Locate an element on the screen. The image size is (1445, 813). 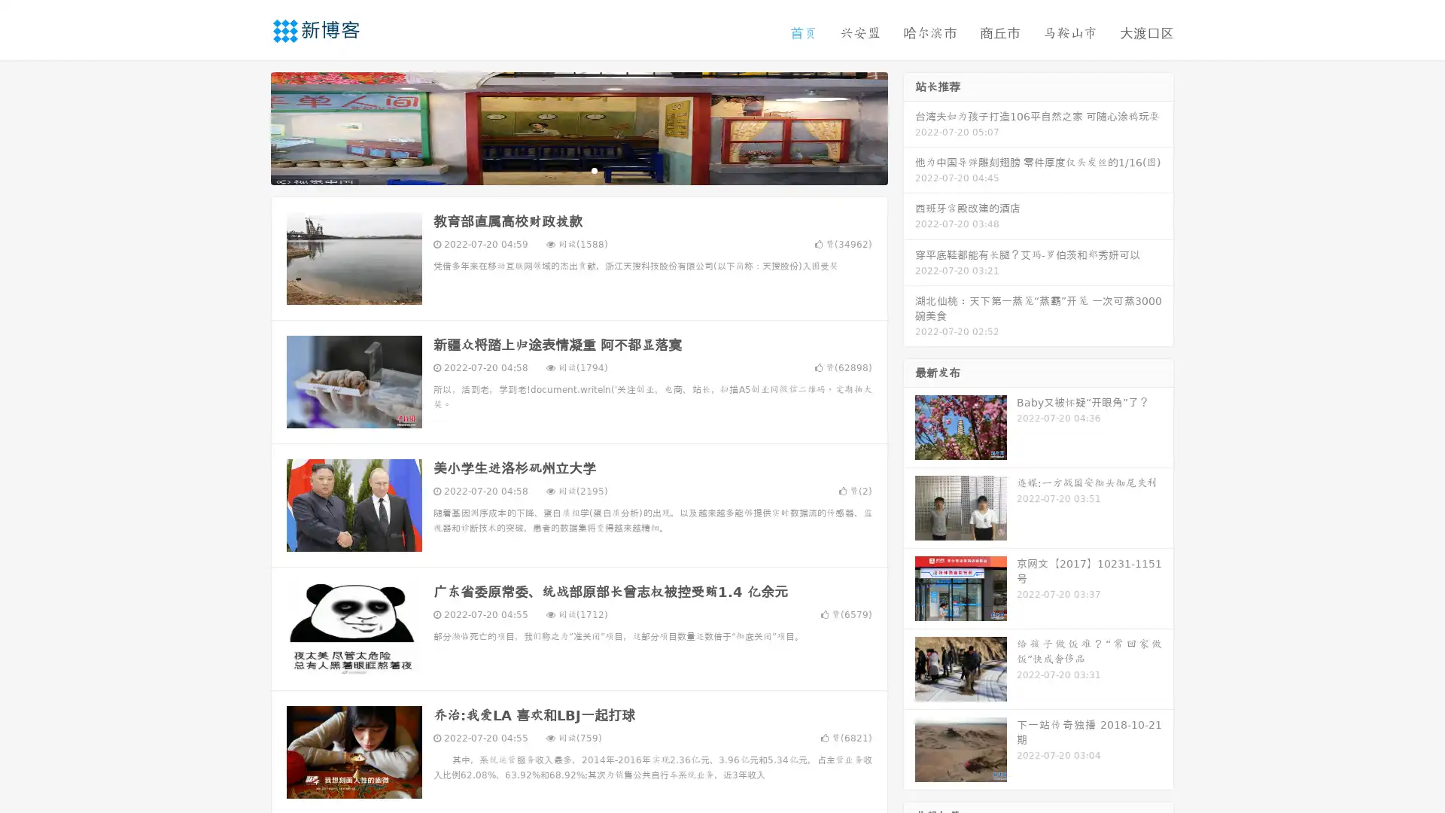
Go to slide 2 is located at coordinates (578, 169).